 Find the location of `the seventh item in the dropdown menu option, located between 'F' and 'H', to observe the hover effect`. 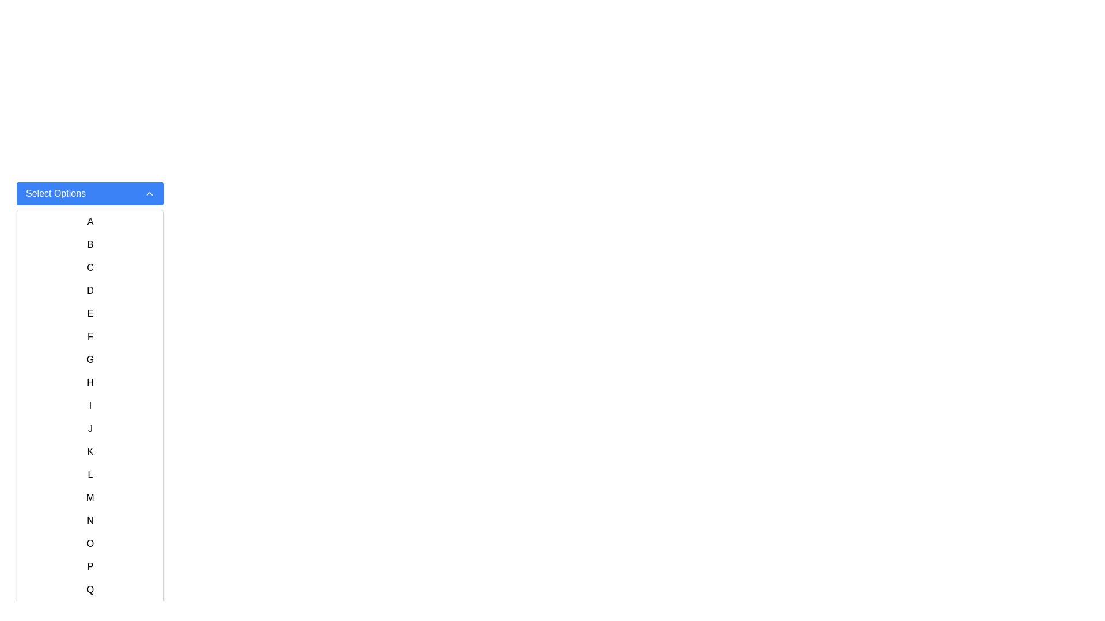

the seventh item in the dropdown menu option, located between 'F' and 'H', to observe the hover effect is located at coordinates (90, 359).